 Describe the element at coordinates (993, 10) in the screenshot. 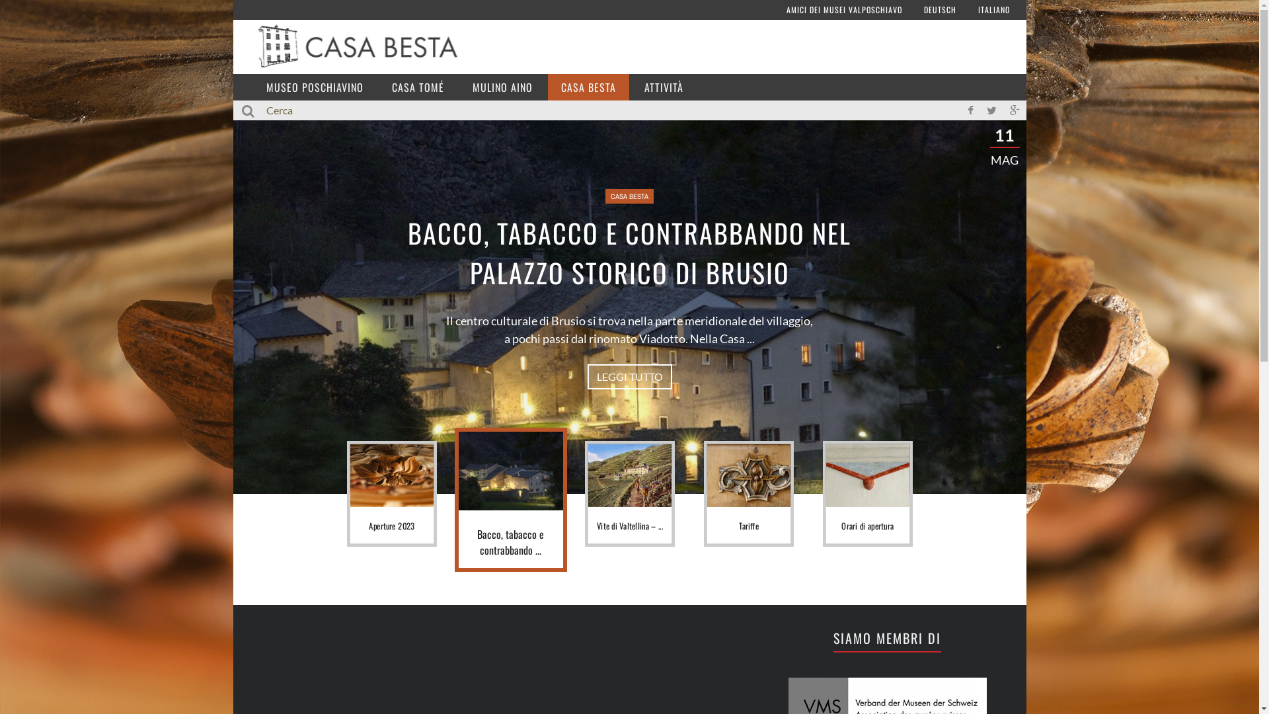

I see `'ITALIANO'` at that location.